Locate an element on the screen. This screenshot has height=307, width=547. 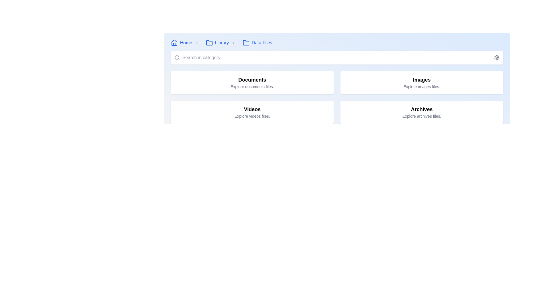
the 'Images' header text, which is bold and black, located at the top of a card on the right-hand side in the second row of a grid layout is located at coordinates (422, 80).